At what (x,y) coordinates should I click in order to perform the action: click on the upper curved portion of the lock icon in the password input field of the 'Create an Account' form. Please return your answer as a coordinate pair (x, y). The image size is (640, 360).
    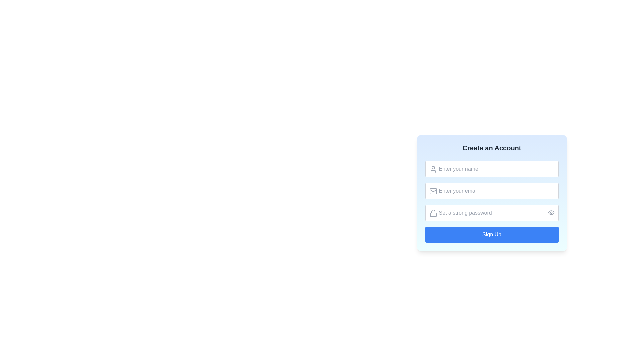
    Looking at the image, I should click on (433, 211).